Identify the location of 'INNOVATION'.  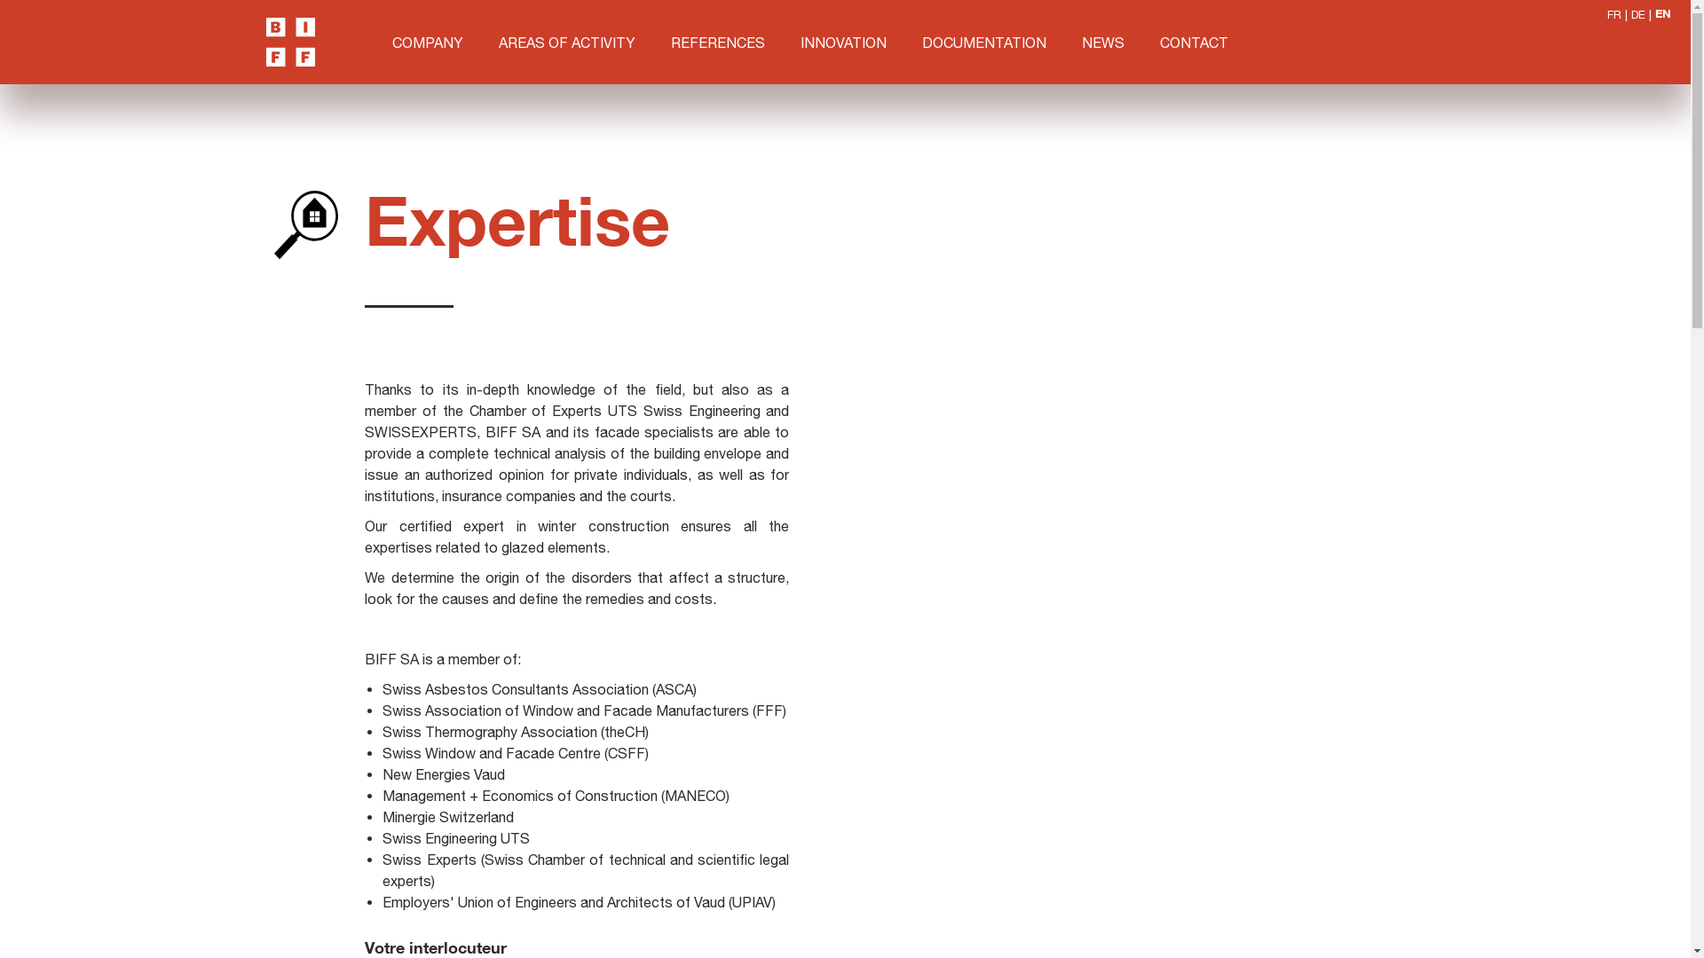
(842, 40).